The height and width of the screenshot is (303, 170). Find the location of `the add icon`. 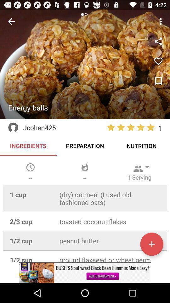

the add icon is located at coordinates (151, 244).